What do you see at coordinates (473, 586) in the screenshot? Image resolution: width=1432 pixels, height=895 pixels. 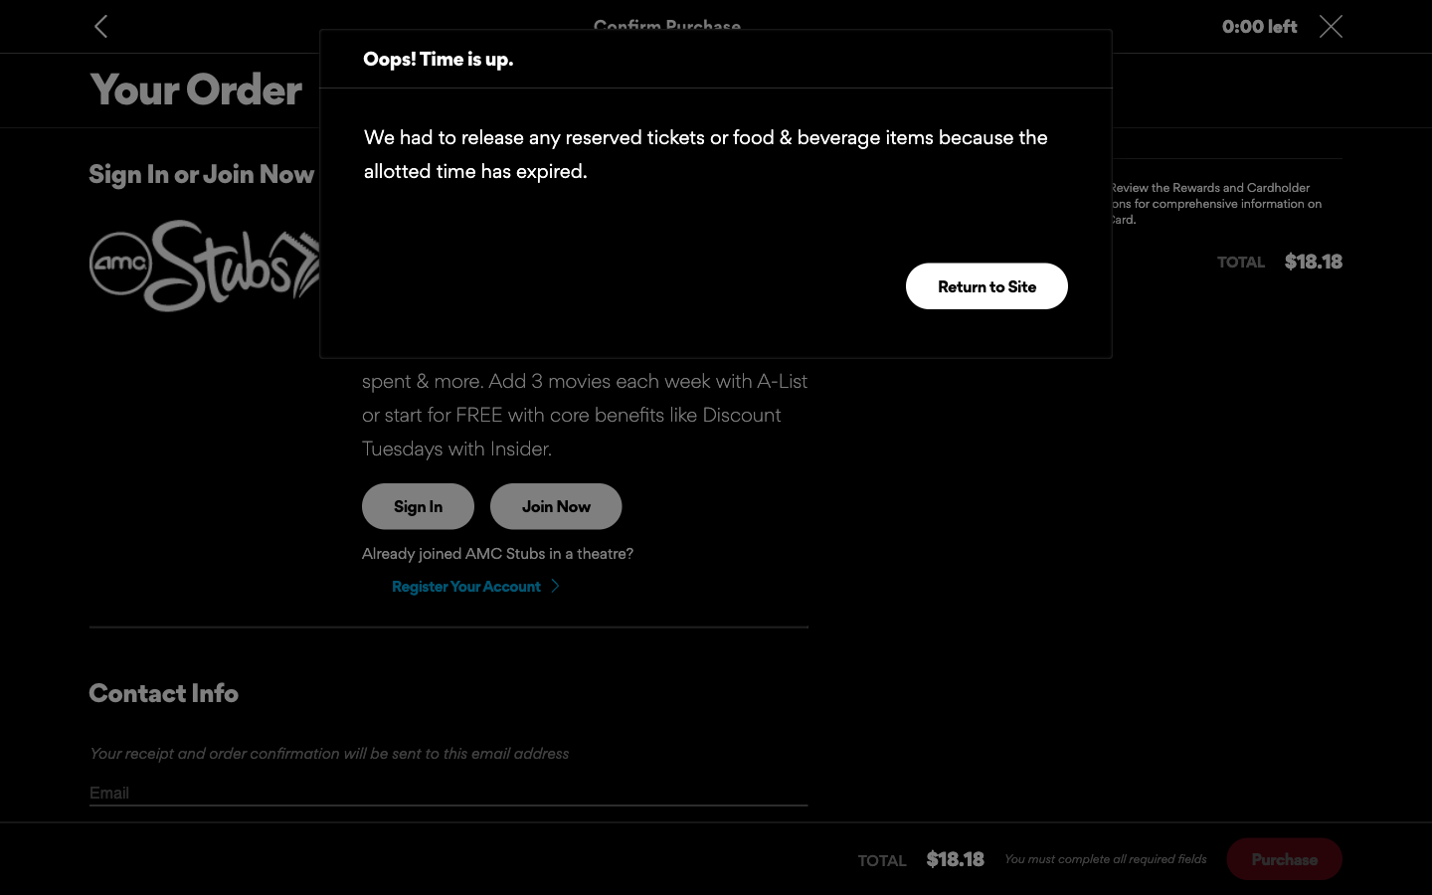 I see `Commence a new user registration` at bounding box center [473, 586].